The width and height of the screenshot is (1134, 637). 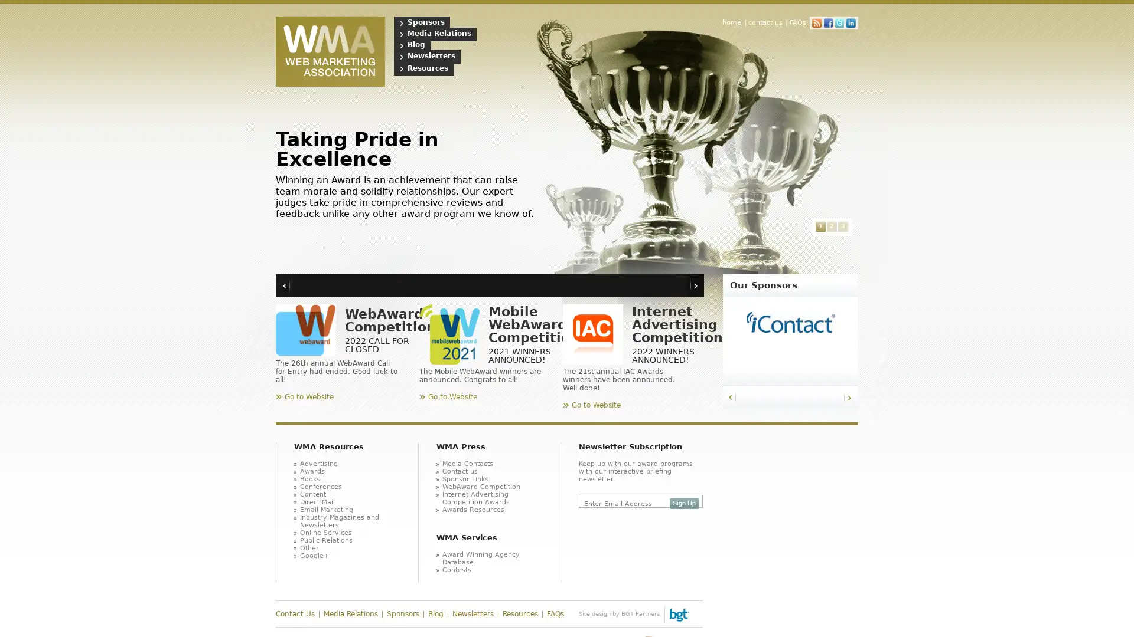 What do you see at coordinates (684, 503) in the screenshot?
I see `Sign Up` at bounding box center [684, 503].